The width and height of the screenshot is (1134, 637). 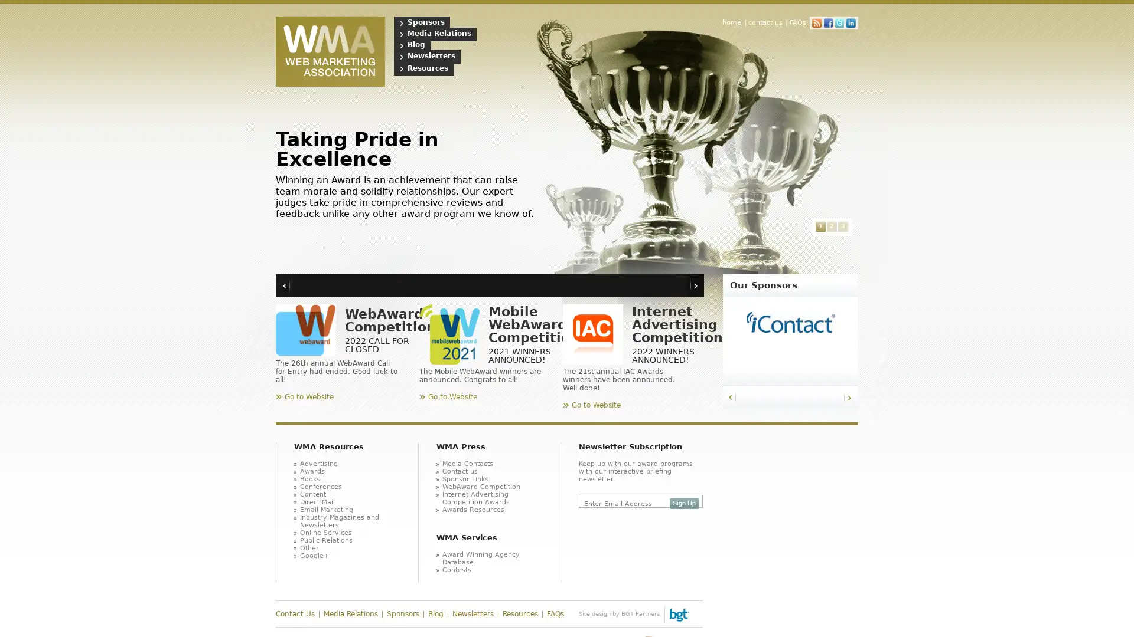 What do you see at coordinates (684, 503) in the screenshot?
I see `Sign Up` at bounding box center [684, 503].